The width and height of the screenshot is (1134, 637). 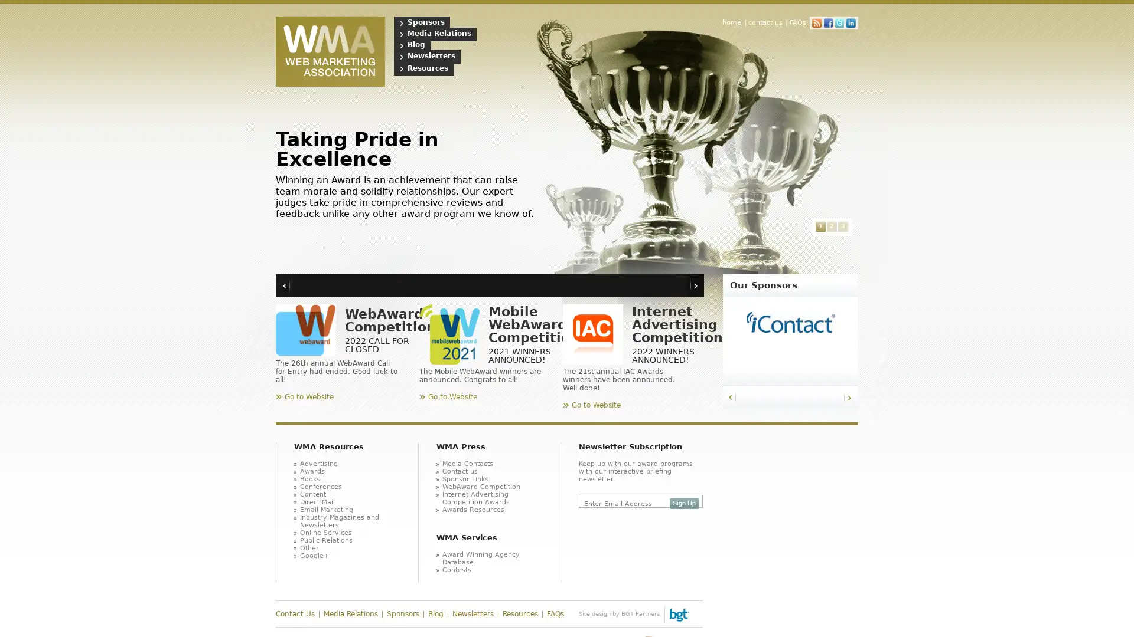 What do you see at coordinates (684, 503) in the screenshot?
I see `Sign Up` at bounding box center [684, 503].